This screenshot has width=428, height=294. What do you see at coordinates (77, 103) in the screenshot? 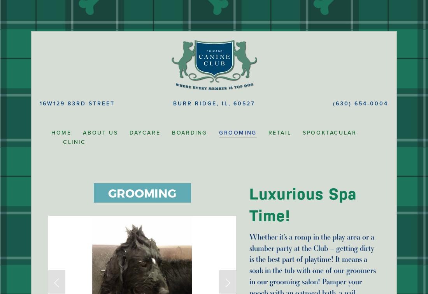
I see `'16W129 83rd Street'` at bounding box center [77, 103].